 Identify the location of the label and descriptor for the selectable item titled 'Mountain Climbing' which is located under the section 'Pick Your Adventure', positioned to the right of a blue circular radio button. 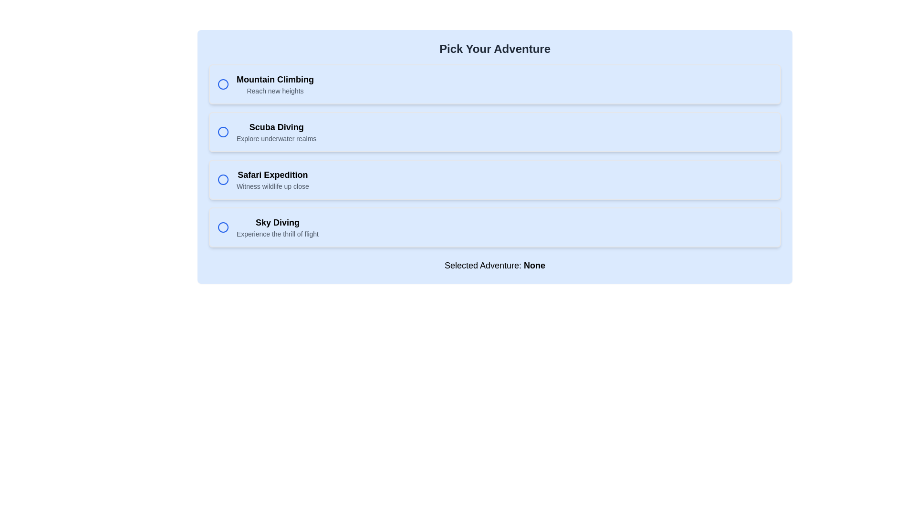
(274, 84).